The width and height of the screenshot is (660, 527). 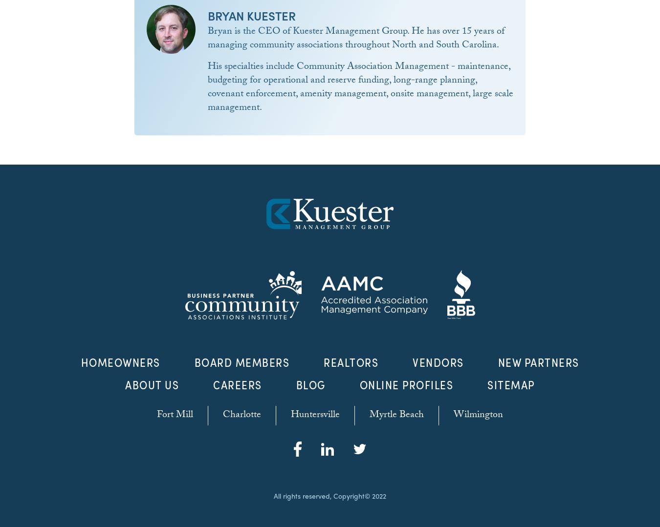 I want to click on 'Careers', so click(x=237, y=384).